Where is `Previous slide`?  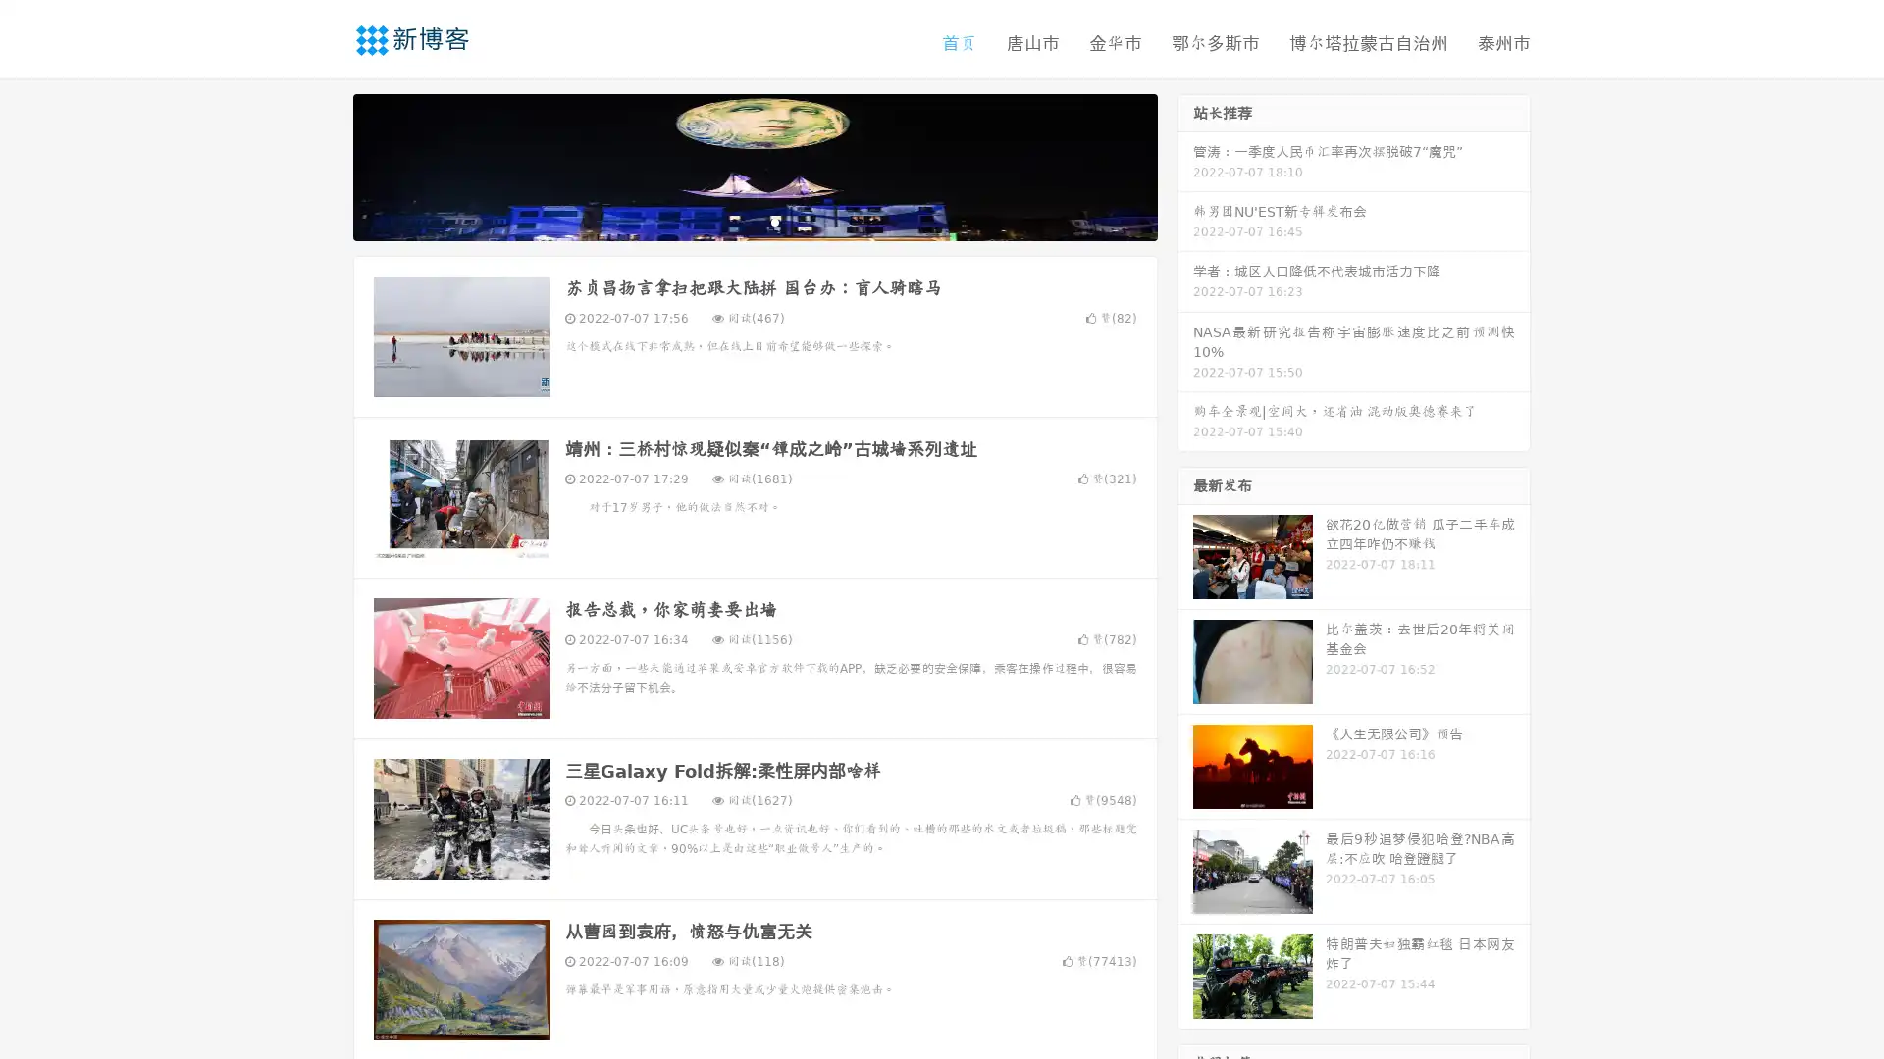 Previous slide is located at coordinates (324, 165).